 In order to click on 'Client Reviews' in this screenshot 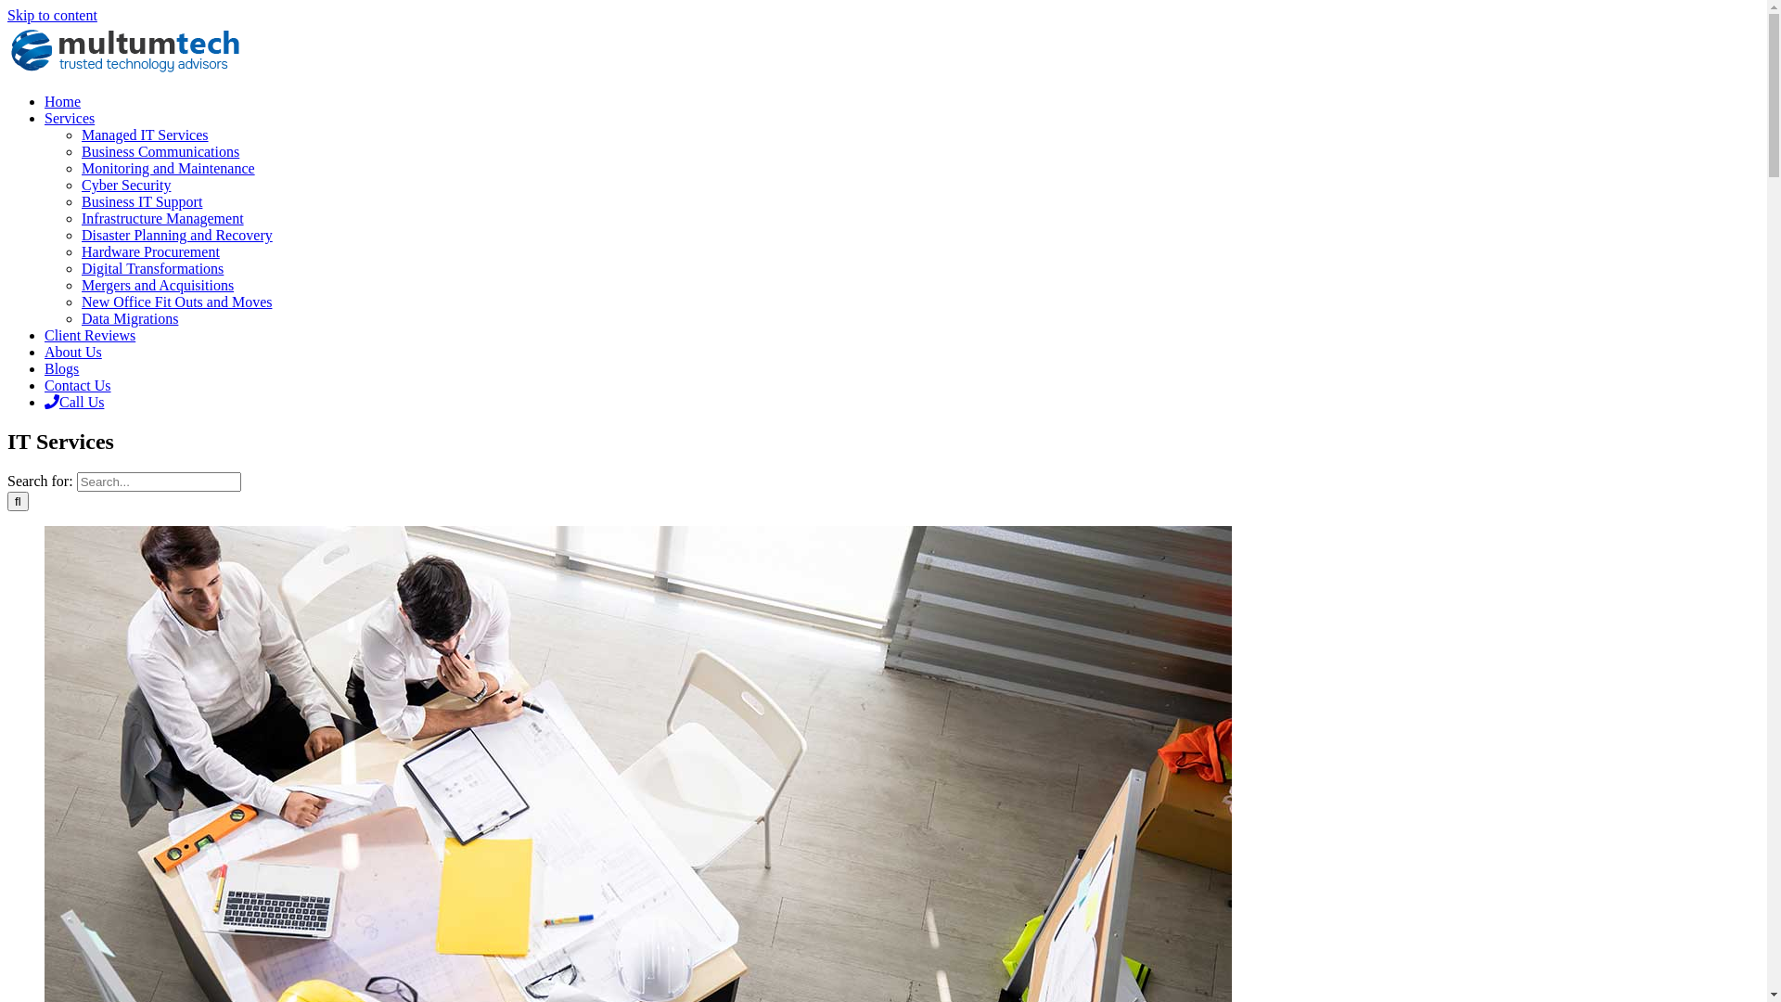, I will do `click(88, 335)`.